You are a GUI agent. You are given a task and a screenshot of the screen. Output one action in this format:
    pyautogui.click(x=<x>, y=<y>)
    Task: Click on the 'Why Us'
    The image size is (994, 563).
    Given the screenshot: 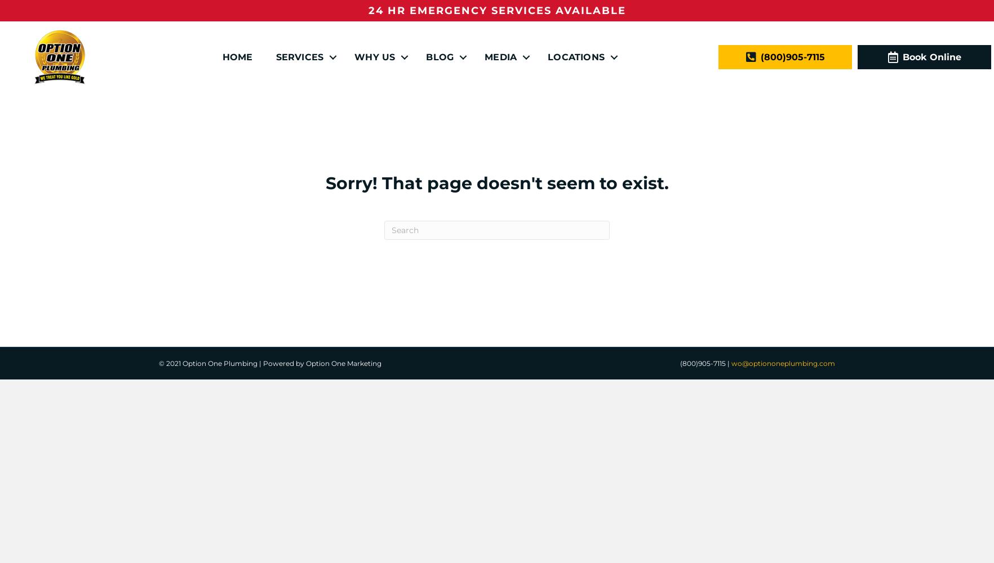 What is the action you would take?
    pyautogui.click(x=375, y=56)
    